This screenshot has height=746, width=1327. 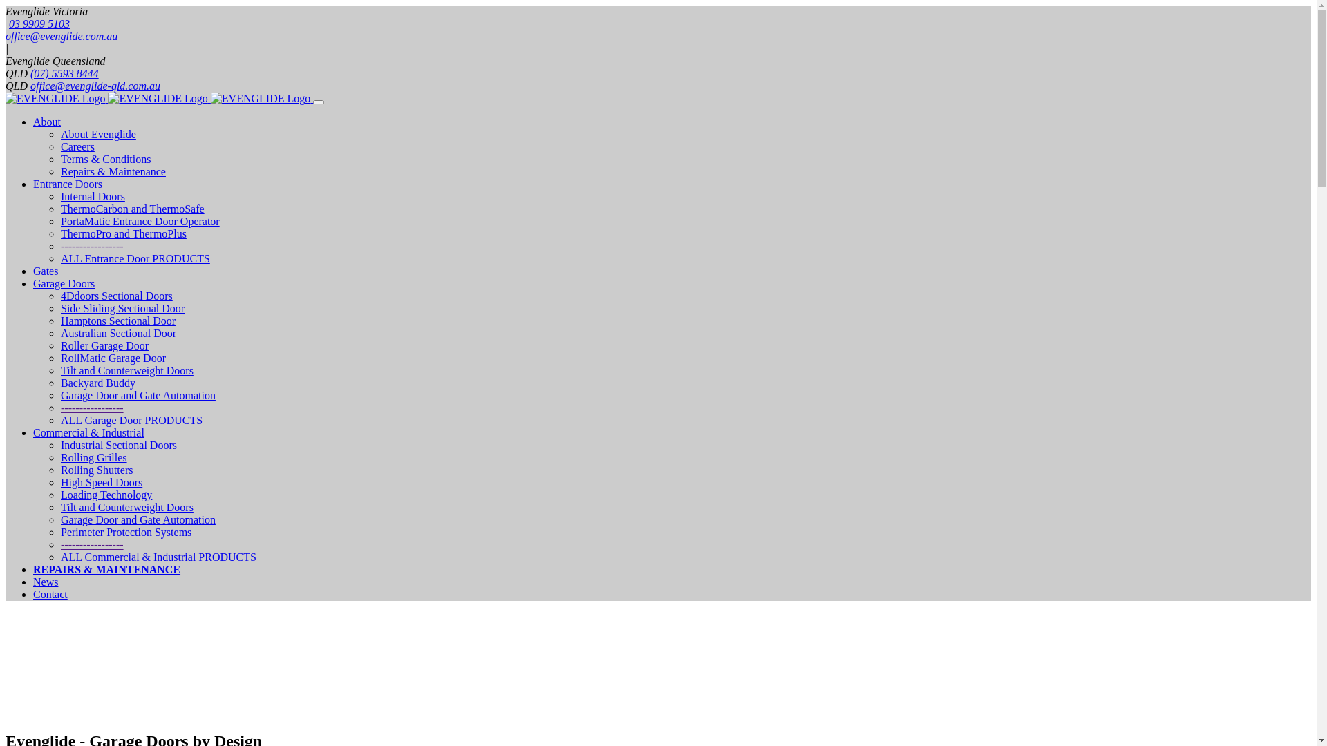 I want to click on '4Ddoors Sectional Doors', so click(x=116, y=295).